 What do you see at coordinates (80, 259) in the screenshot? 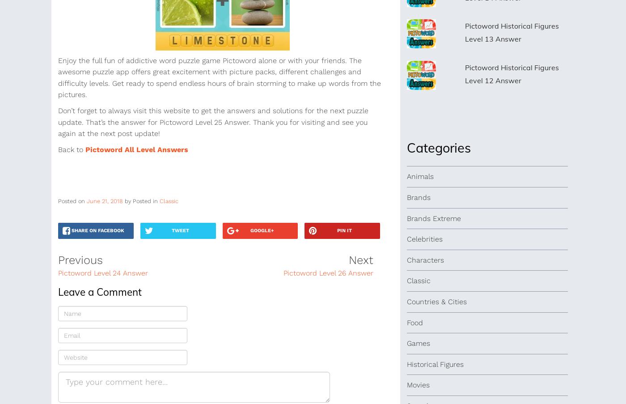
I see `'Previous'` at bounding box center [80, 259].